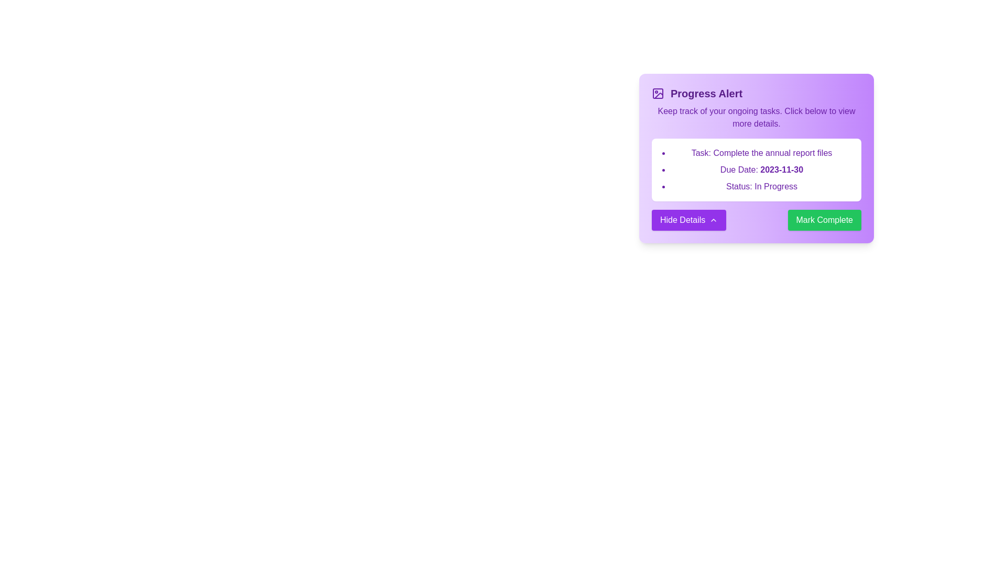 This screenshot has width=1006, height=565. Describe the element at coordinates (824, 219) in the screenshot. I see `'Mark Complete' button to mark the tasks as complete` at that location.